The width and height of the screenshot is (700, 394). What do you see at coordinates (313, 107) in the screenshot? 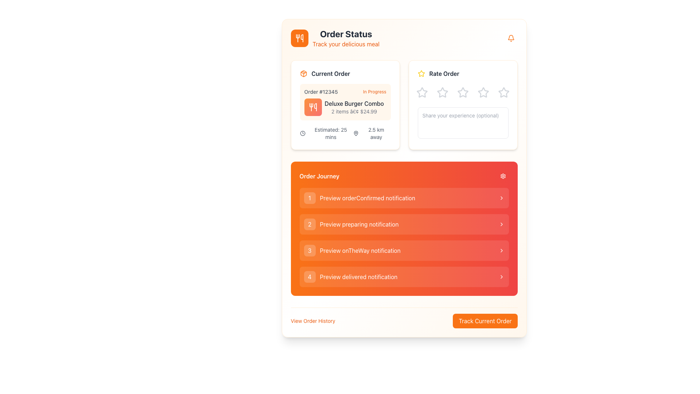
I see `the decorative icon representing the 'Order Status' section, which is located in the upper-left corner of the interface` at bounding box center [313, 107].